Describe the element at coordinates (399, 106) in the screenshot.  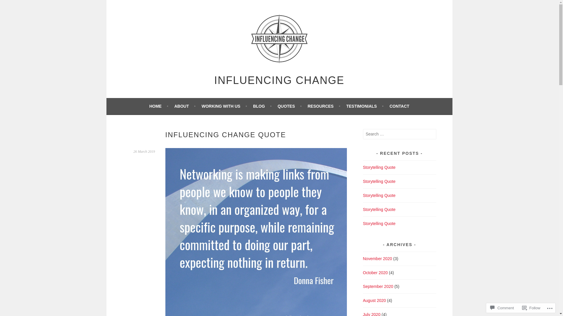
I see `'CONTACT'` at that location.